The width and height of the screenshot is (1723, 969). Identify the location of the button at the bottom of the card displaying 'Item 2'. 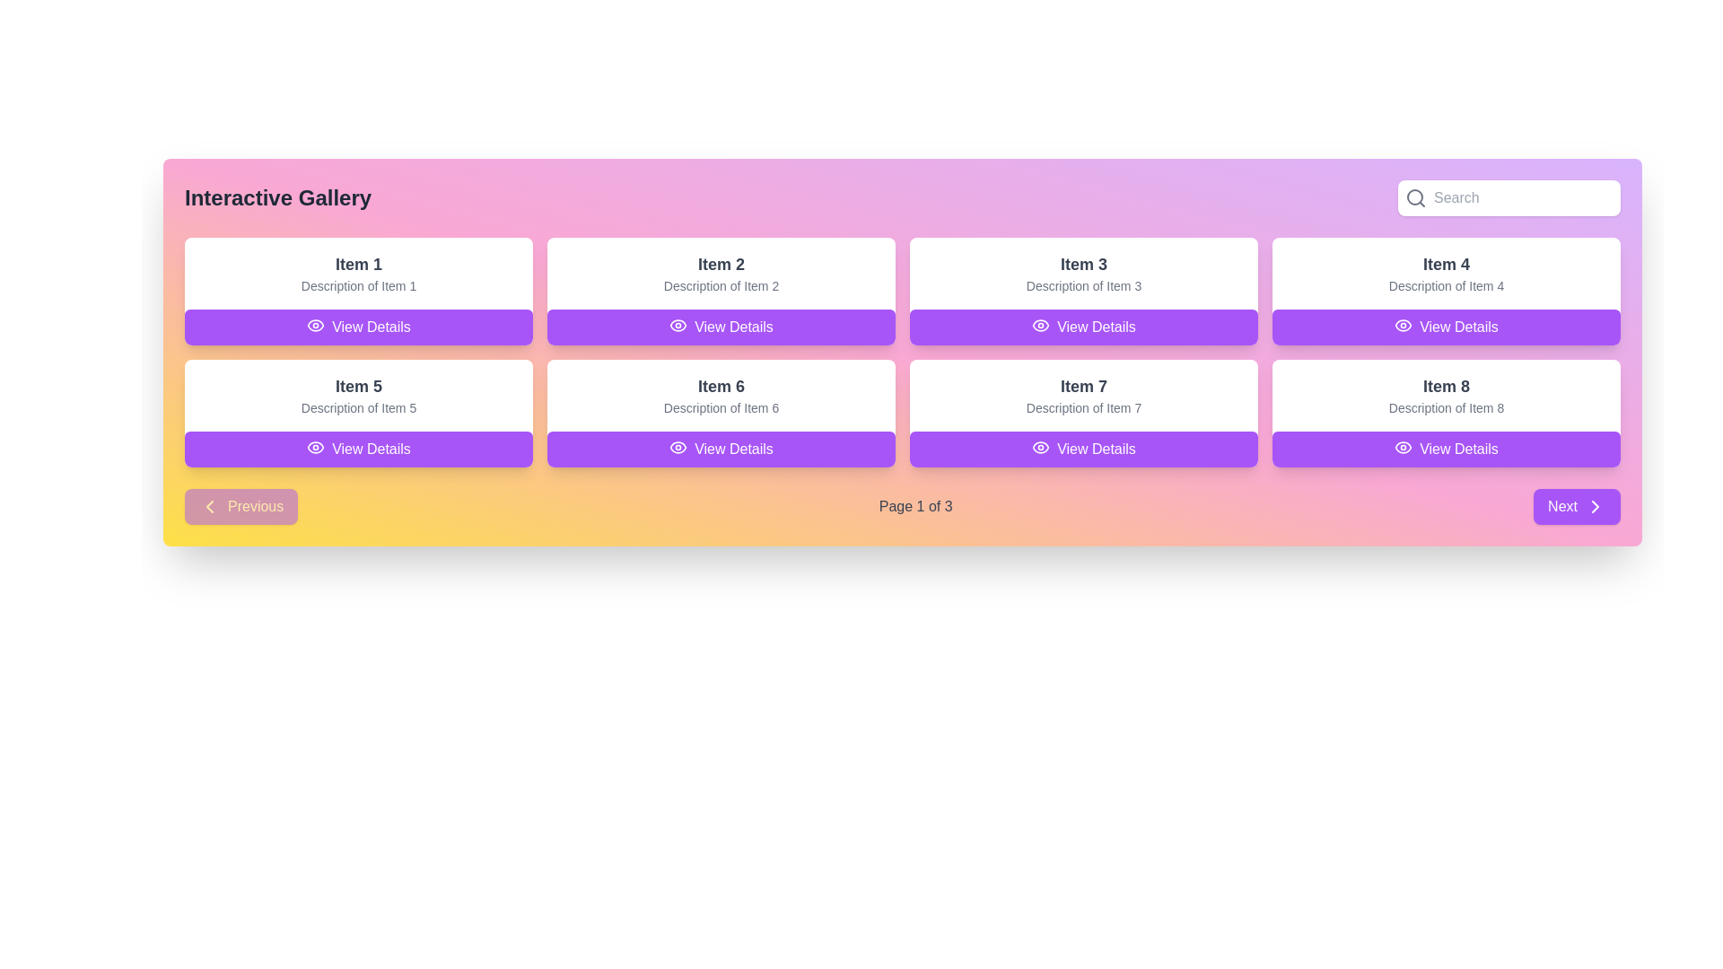
(722, 327).